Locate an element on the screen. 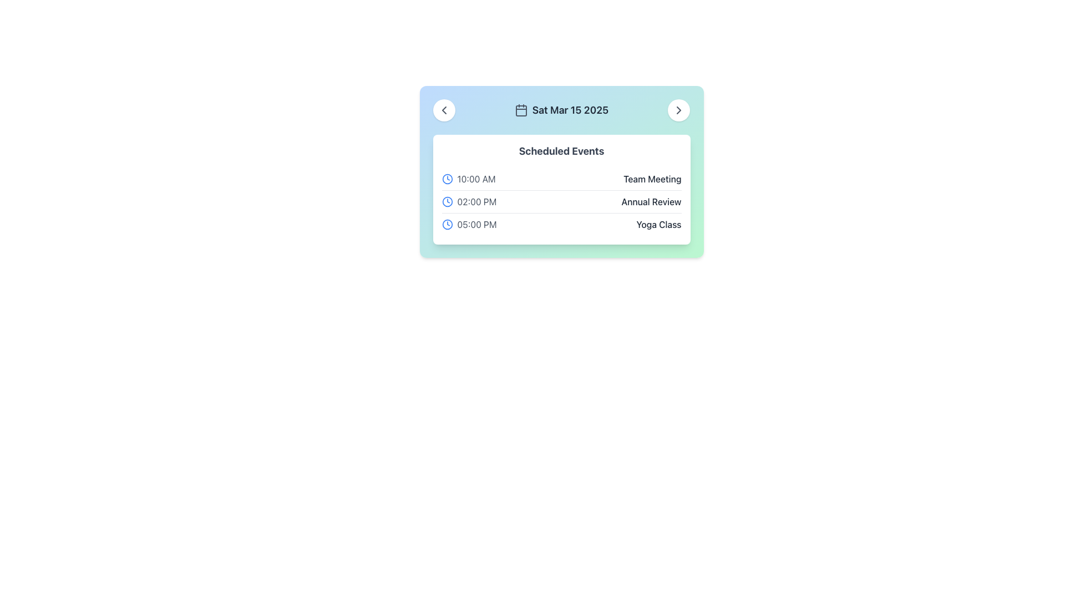  the visual indicator icon representing the time associated with the event located to the left of the '10:00 AM' label is located at coordinates (447, 179).